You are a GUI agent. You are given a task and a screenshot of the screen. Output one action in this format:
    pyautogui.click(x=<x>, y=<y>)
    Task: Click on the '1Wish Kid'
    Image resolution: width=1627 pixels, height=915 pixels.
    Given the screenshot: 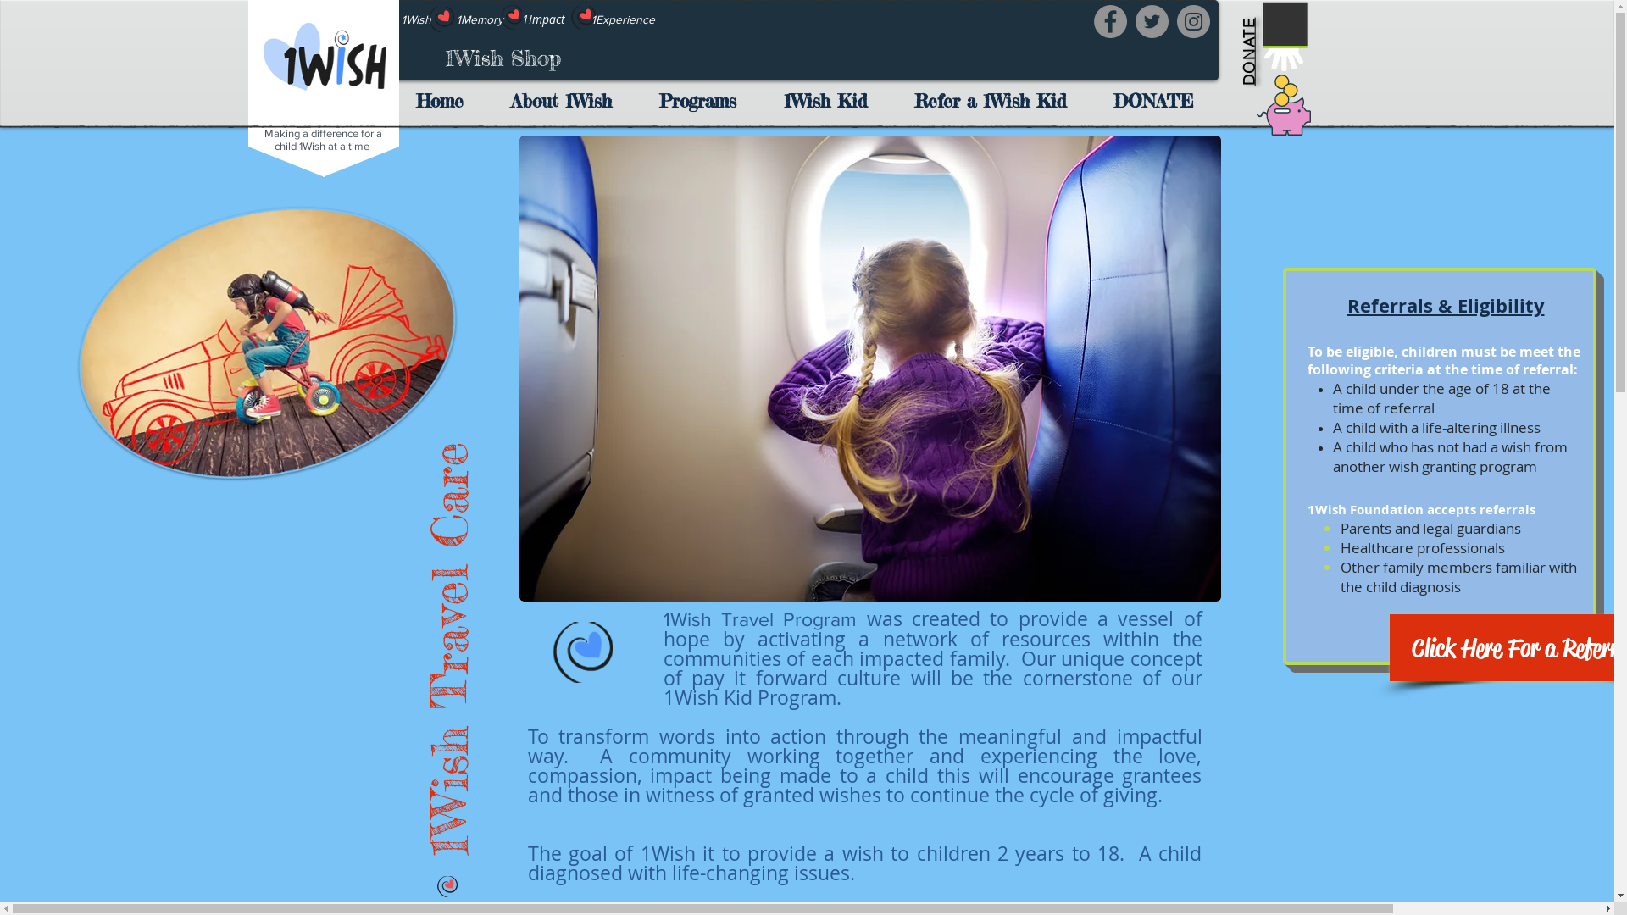 What is the action you would take?
    pyautogui.click(x=764, y=99)
    